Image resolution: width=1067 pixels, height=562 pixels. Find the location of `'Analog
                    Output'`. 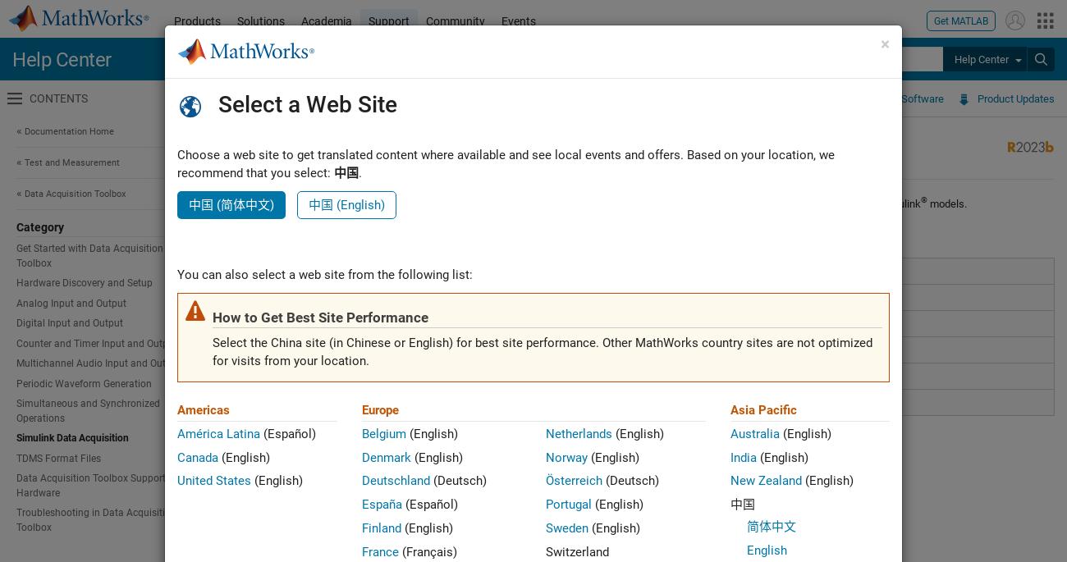

'Analog
                    Output' is located at coordinates (282, 297).